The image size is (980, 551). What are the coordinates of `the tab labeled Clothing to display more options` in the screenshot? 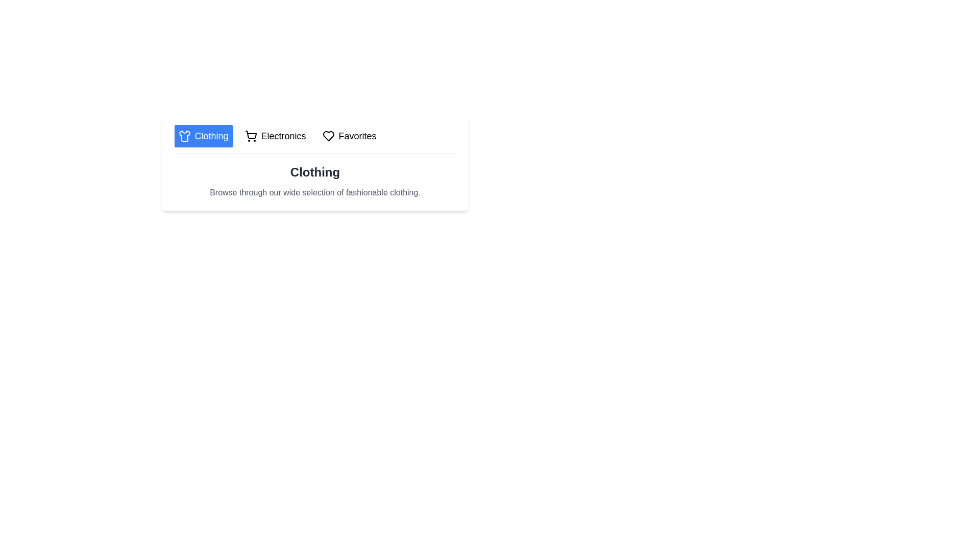 It's located at (203, 135).